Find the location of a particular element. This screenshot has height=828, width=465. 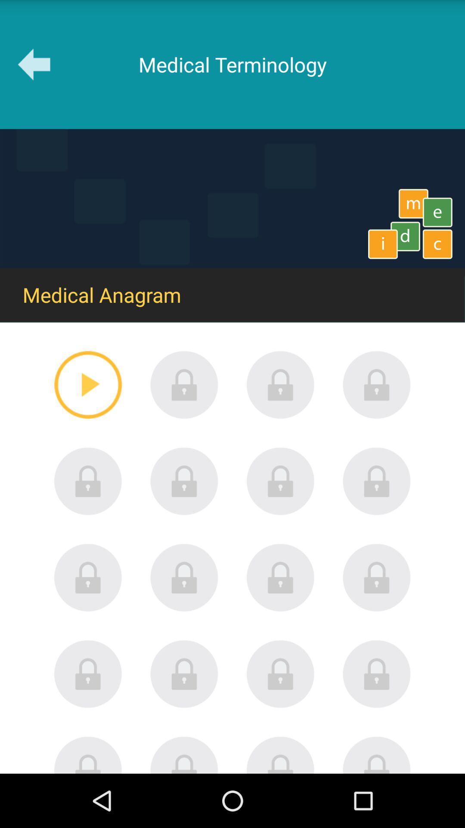

the avatar icon is located at coordinates (88, 807).